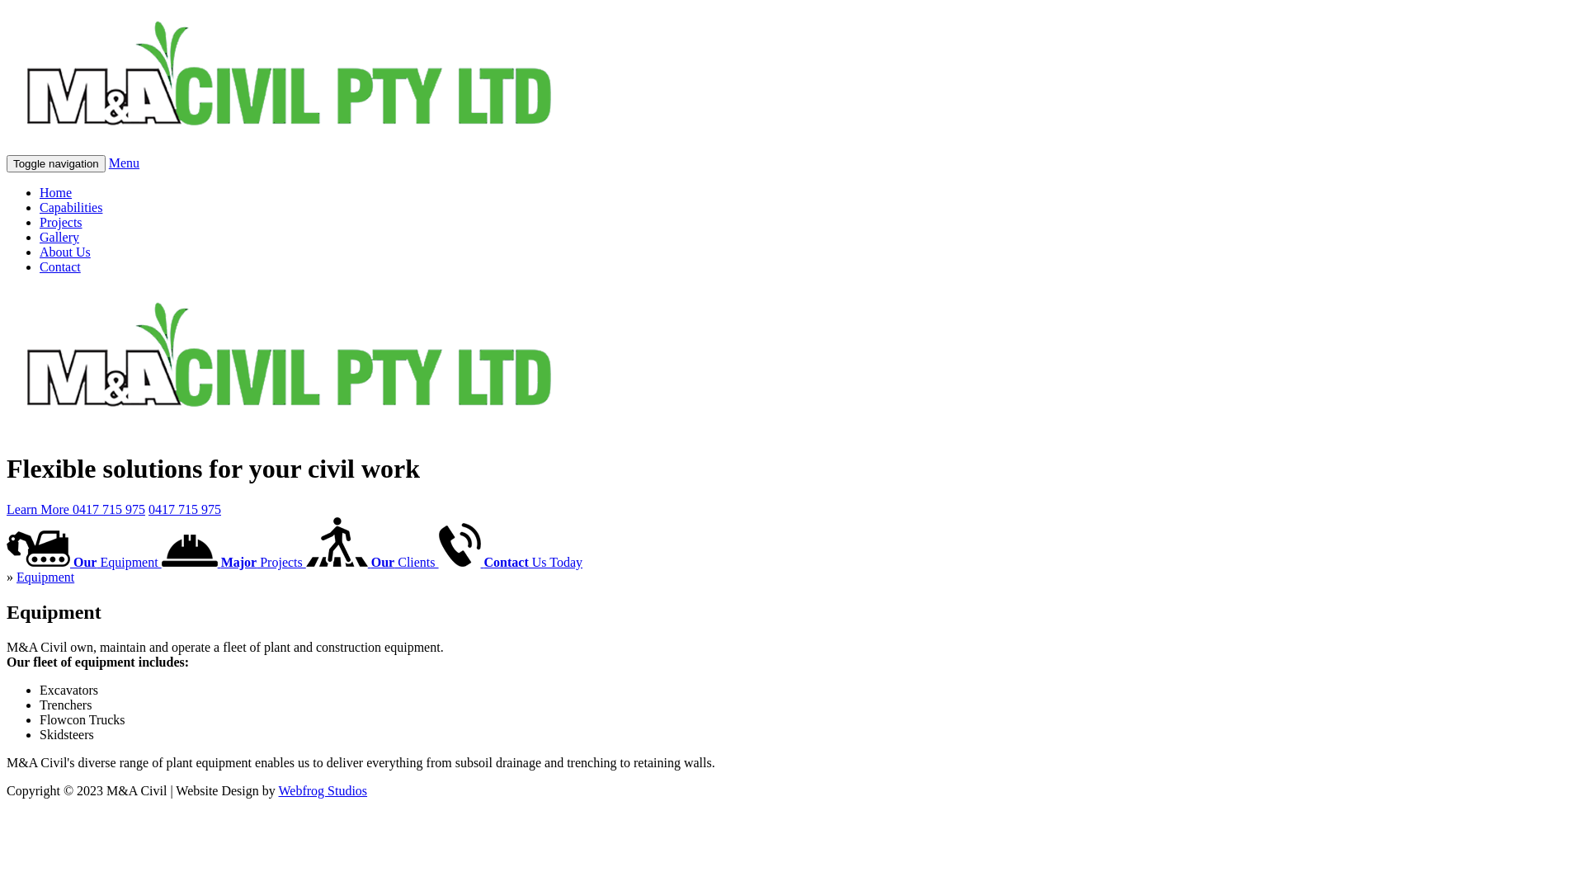 This screenshot has height=891, width=1584. I want to click on 'Capabilities', so click(70, 206).